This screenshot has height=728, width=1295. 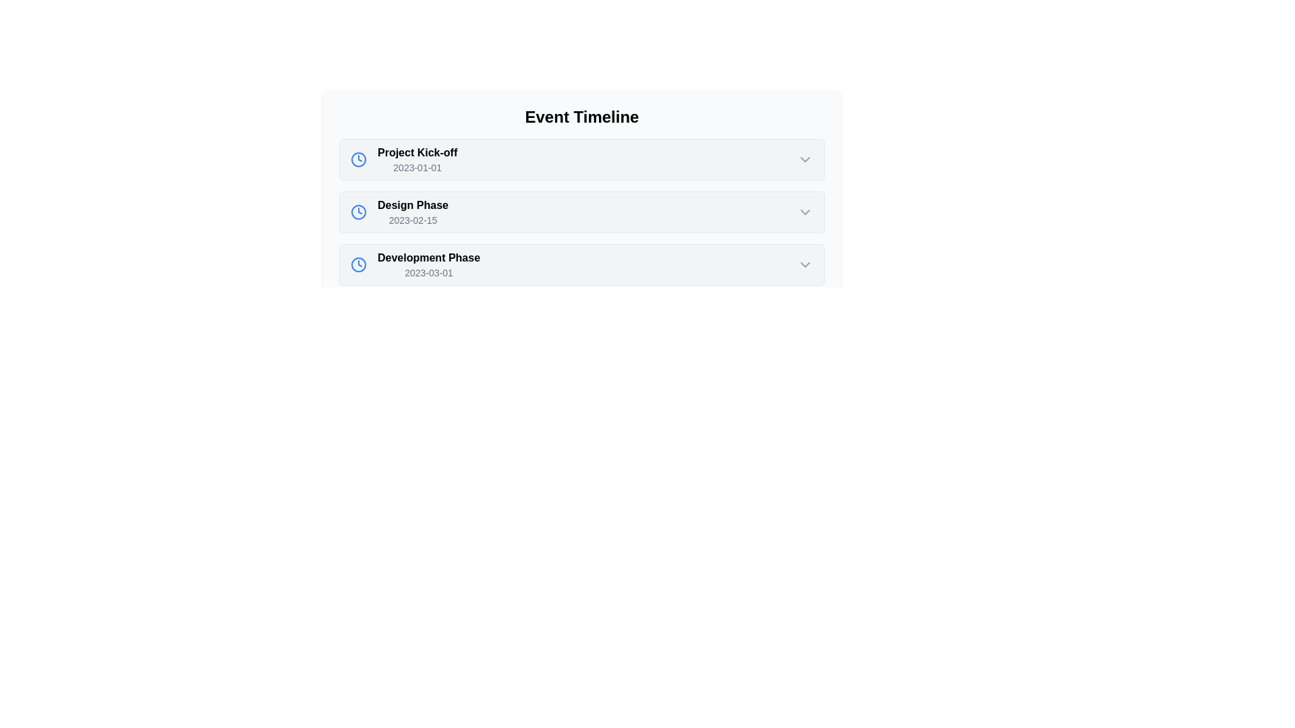 What do you see at coordinates (582, 212) in the screenshot?
I see `the timeline entry for the 'Design Phase' dated '2023-02-15'` at bounding box center [582, 212].